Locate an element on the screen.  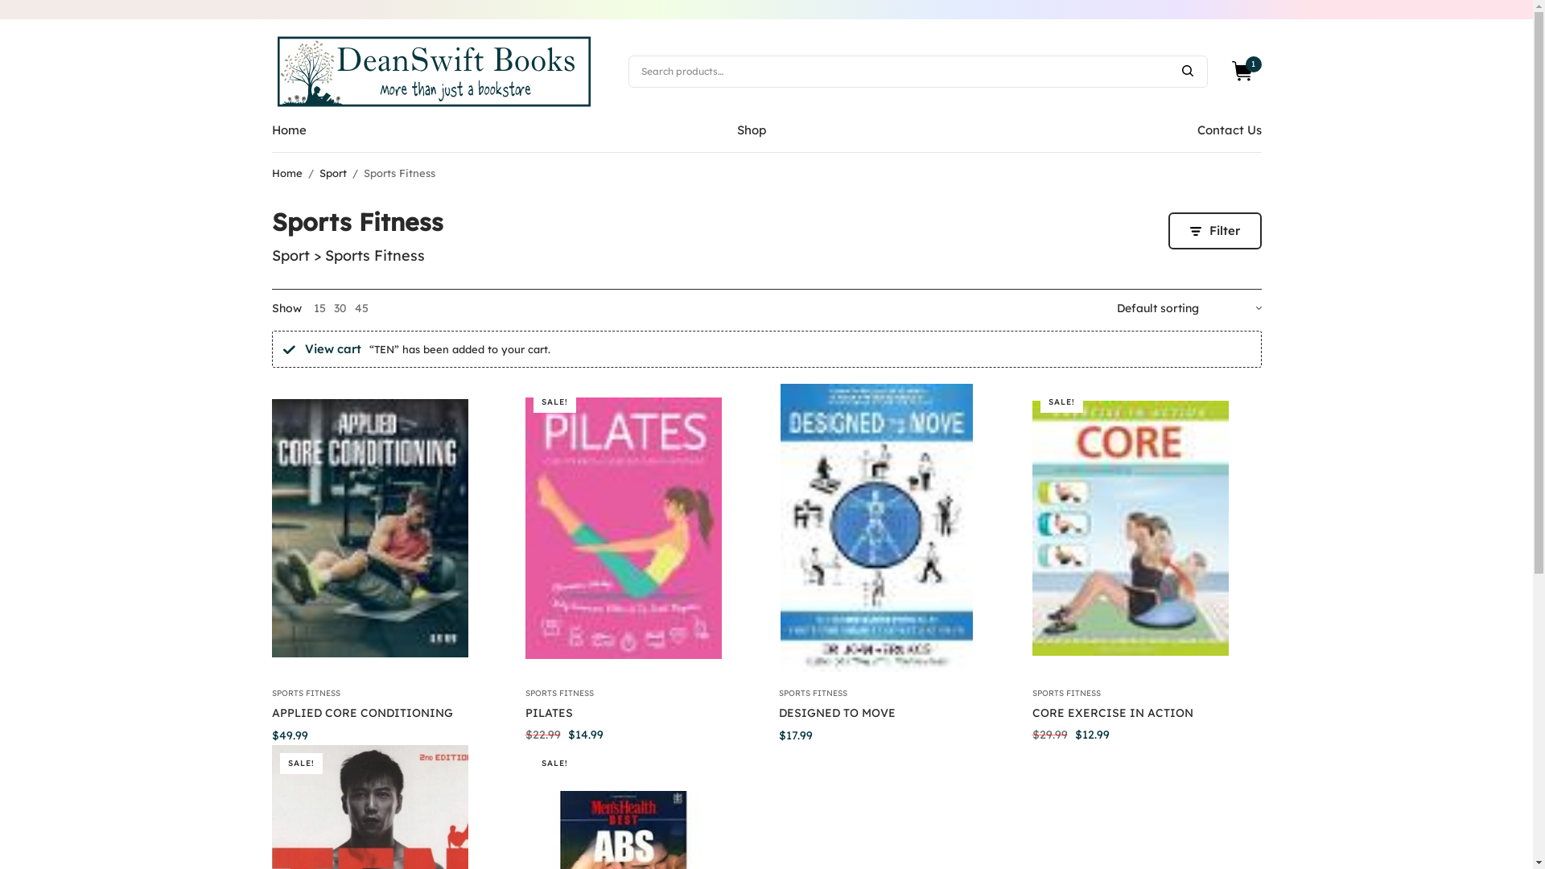
'30' is located at coordinates (339, 307).